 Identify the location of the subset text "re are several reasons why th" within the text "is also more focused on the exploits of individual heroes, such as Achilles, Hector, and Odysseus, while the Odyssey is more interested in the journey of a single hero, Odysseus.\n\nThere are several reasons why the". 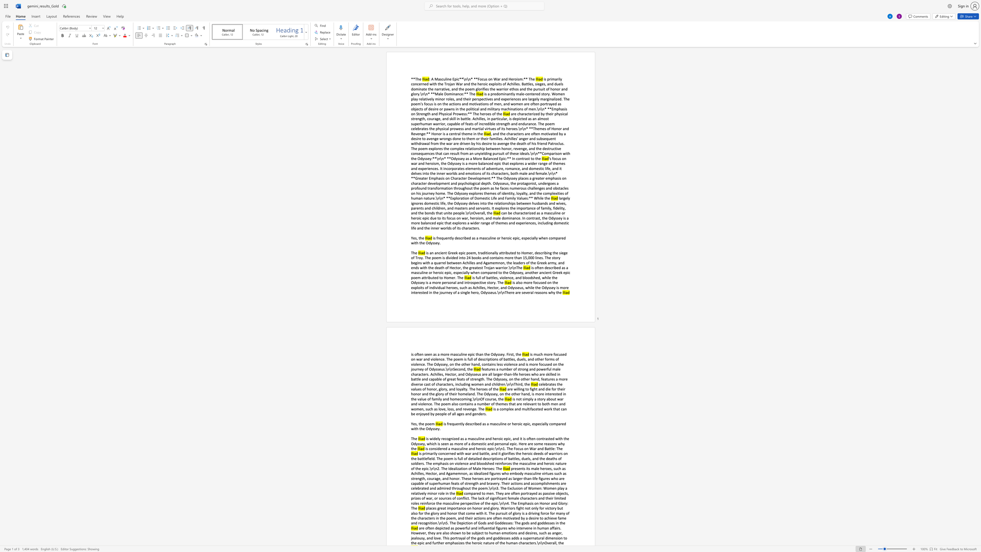
(511, 292).